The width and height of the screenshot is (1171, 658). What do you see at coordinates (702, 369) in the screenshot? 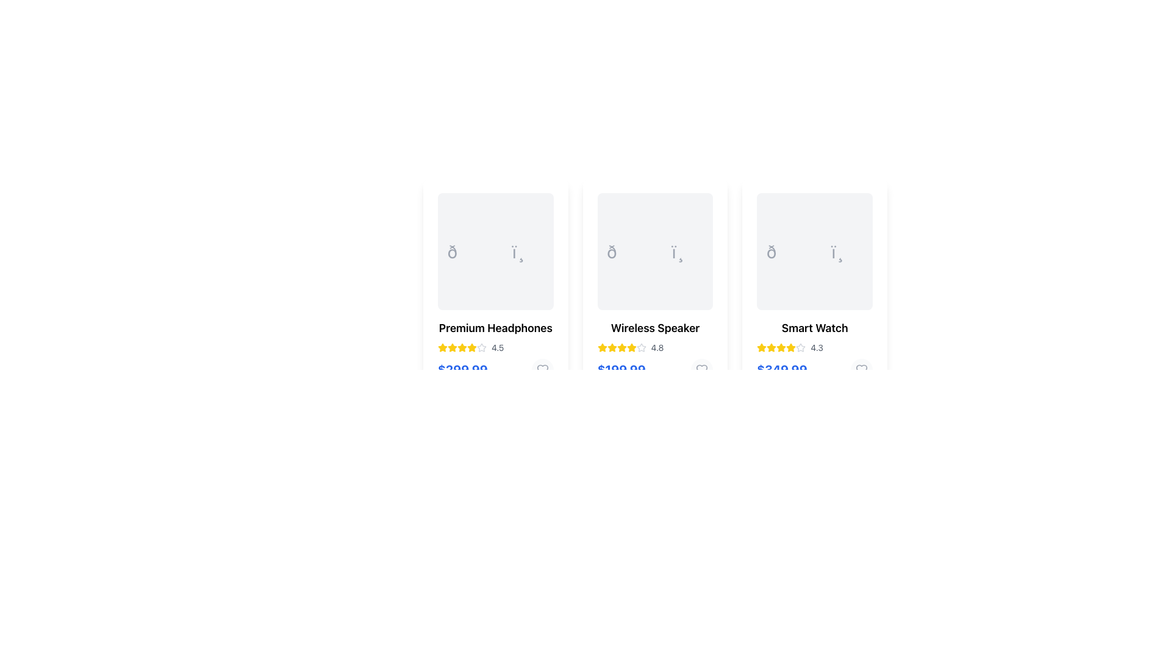
I see `the circular button with a heart icon, which is light gray and located to the right of the price label '$199.99'` at bounding box center [702, 369].